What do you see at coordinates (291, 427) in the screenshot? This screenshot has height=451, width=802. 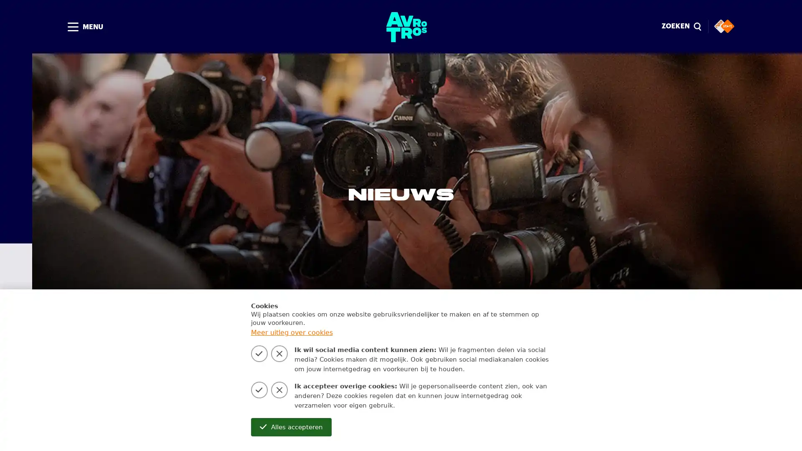 I see `Alles accepteren` at bounding box center [291, 427].